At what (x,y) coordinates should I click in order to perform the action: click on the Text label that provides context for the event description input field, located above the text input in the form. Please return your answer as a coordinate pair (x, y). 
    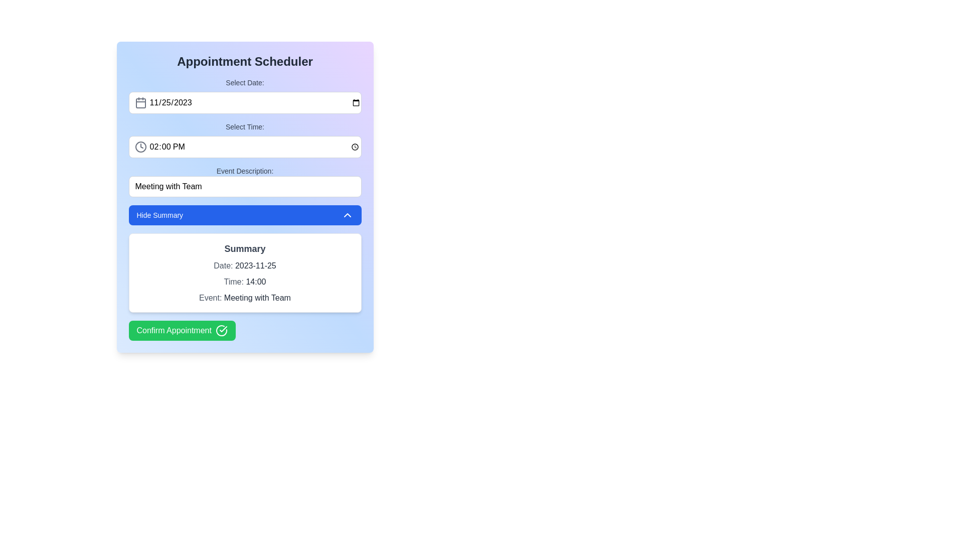
    Looking at the image, I should click on (245, 170).